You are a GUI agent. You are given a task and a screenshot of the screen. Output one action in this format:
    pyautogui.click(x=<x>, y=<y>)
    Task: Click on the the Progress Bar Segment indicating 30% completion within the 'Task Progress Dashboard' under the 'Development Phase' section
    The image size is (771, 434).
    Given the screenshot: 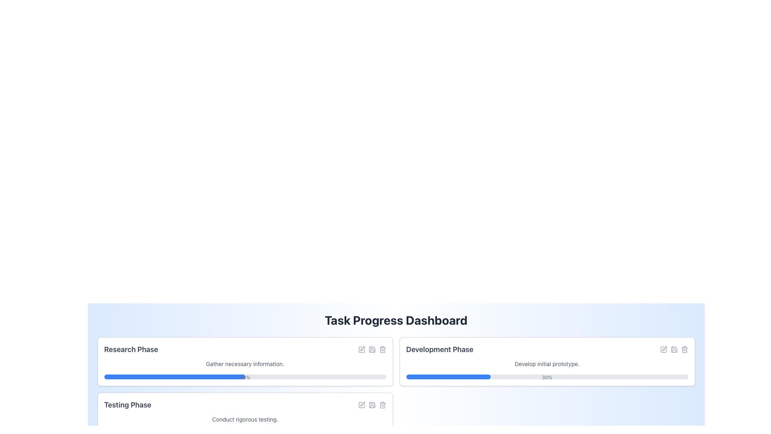 What is the action you would take?
    pyautogui.click(x=448, y=377)
    